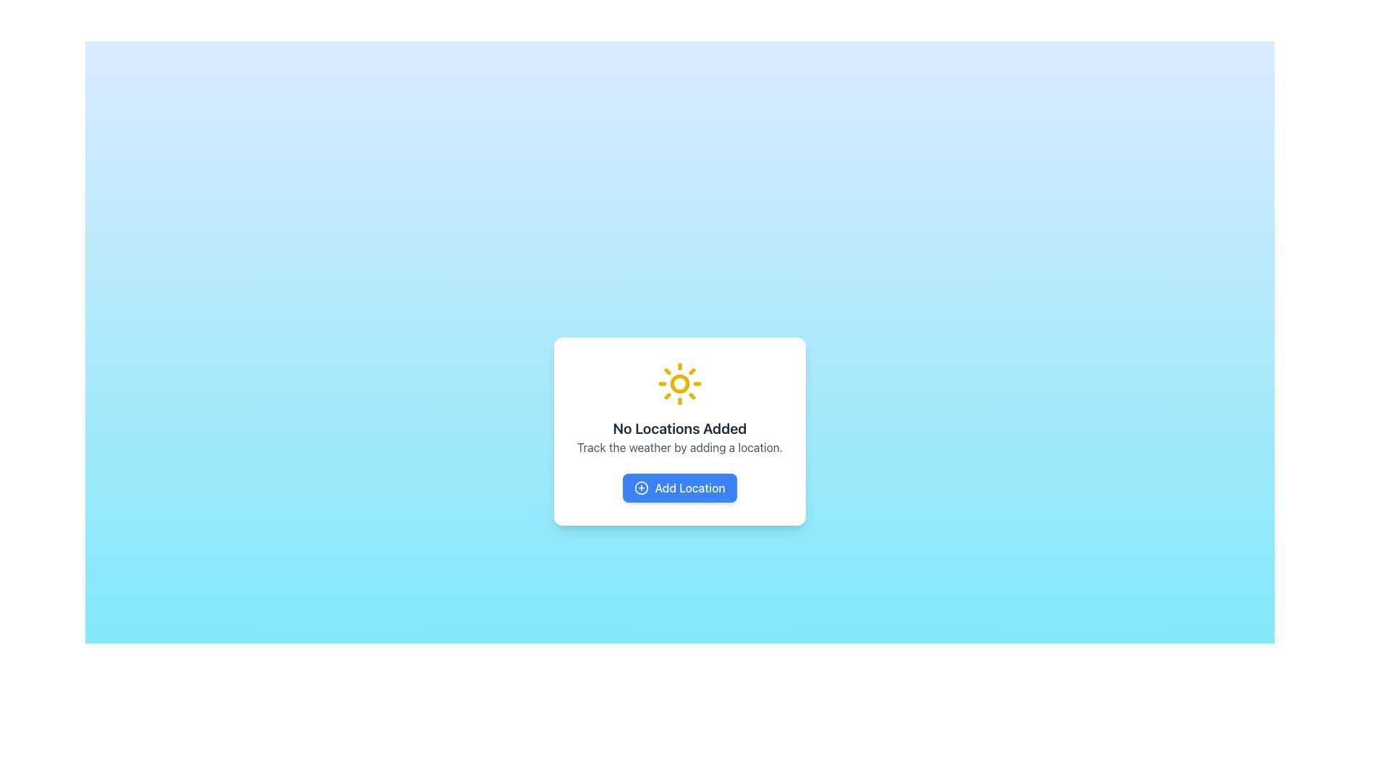 The height and width of the screenshot is (781, 1389). What do you see at coordinates (679, 488) in the screenshot?
I see `the 'Add Location' button with a blue background and white text` at bounding box center [679, 488].